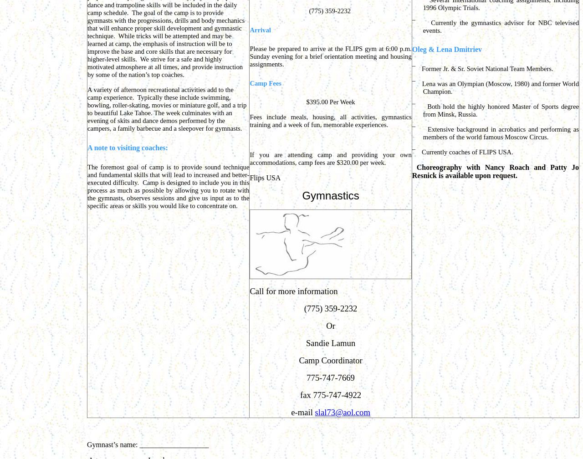 The height and width of the screenshot is (459, 583). Describe the element at coordinates (486, 68) in the screenshot. I see `'Former Jr. & Sr. Soviet 
    National Team Members.'` at that location.